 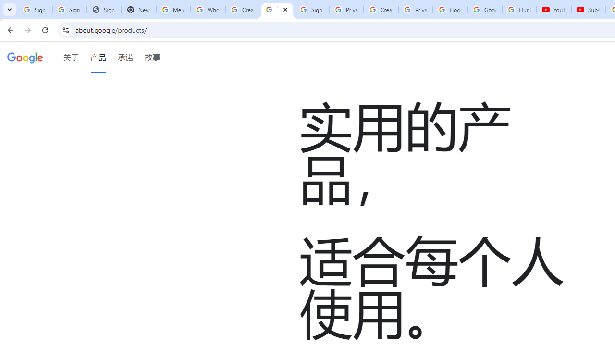 What do you see at coordinates (138, 10) in the screenshot?
I see `'New Tab'` at bounding box center [138, 10].